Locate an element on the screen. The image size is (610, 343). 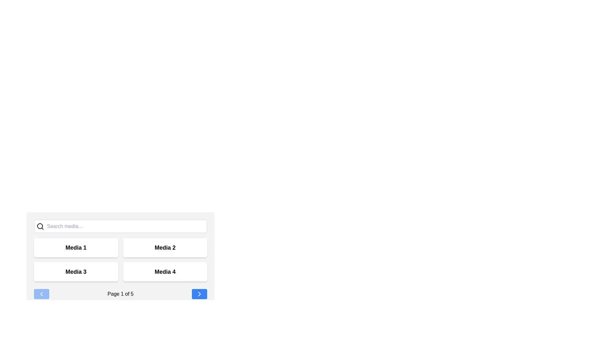
SVG circle element representing the circular part of the magnifying glass search icon located in the top-left position of the search bar is located at coordinates (39, 226).